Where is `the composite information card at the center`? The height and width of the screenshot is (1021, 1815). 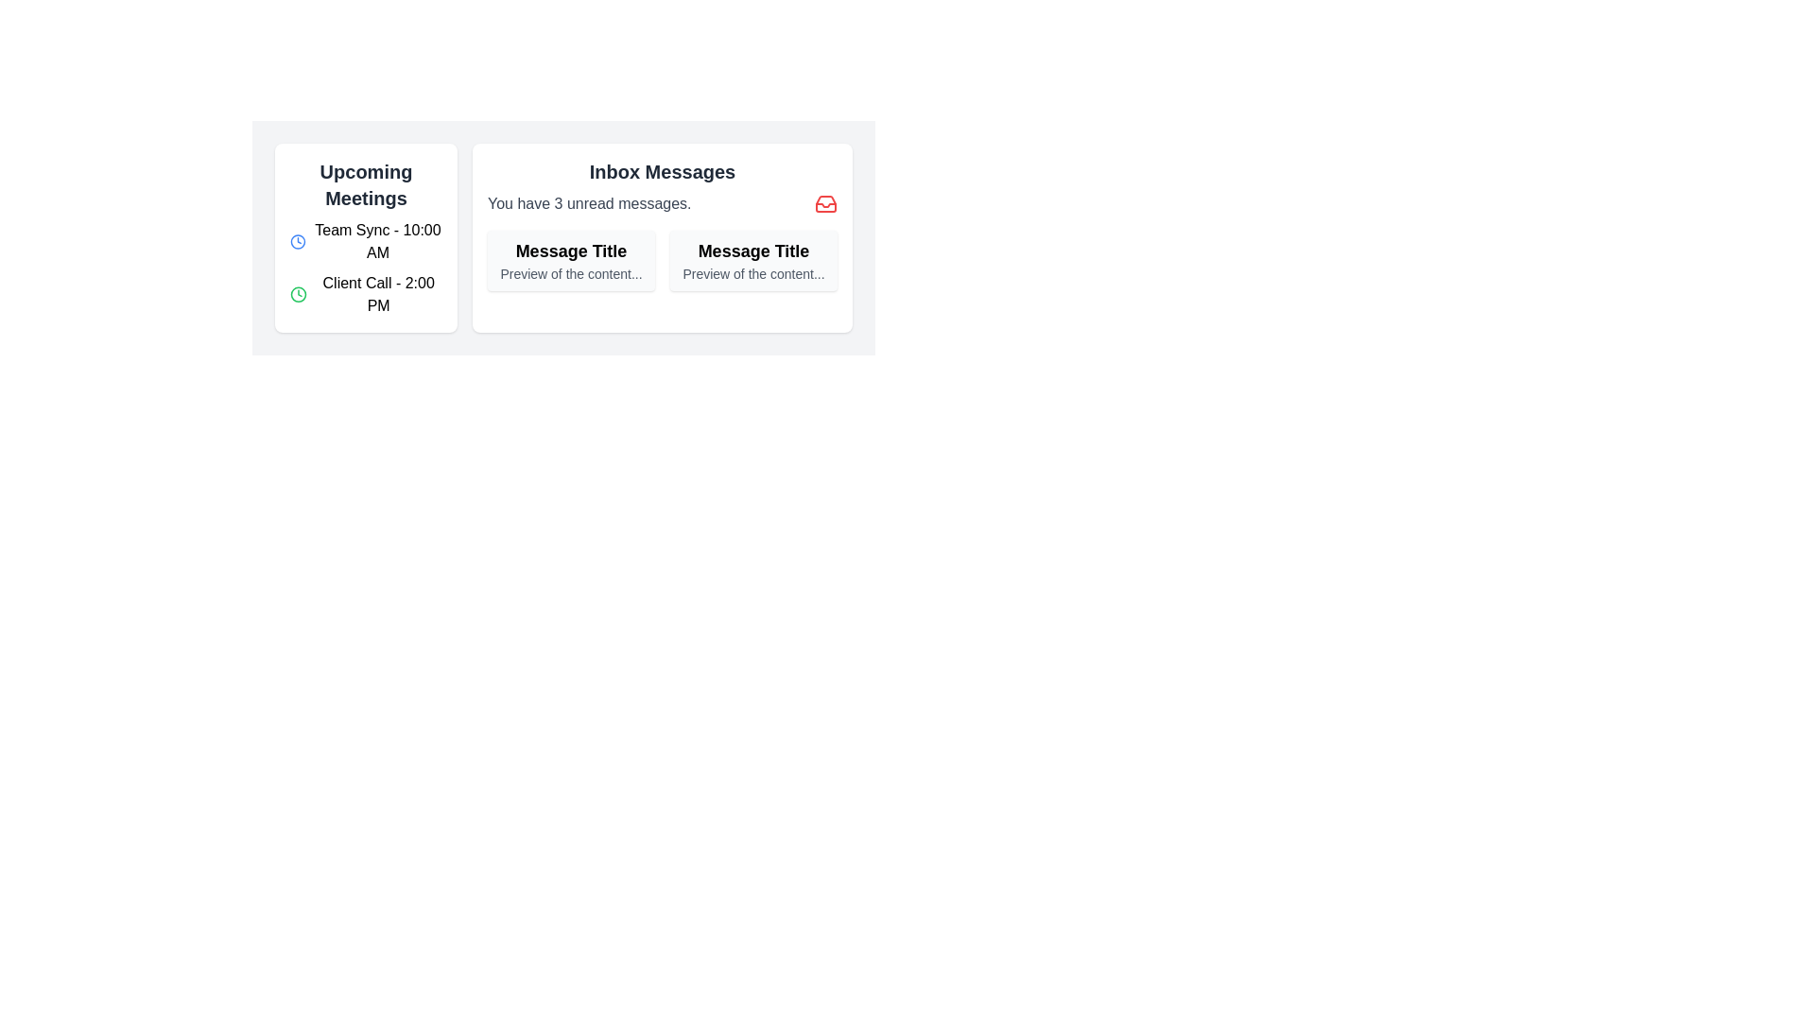 the composite information card at the center is located at coordinates (562, 236).